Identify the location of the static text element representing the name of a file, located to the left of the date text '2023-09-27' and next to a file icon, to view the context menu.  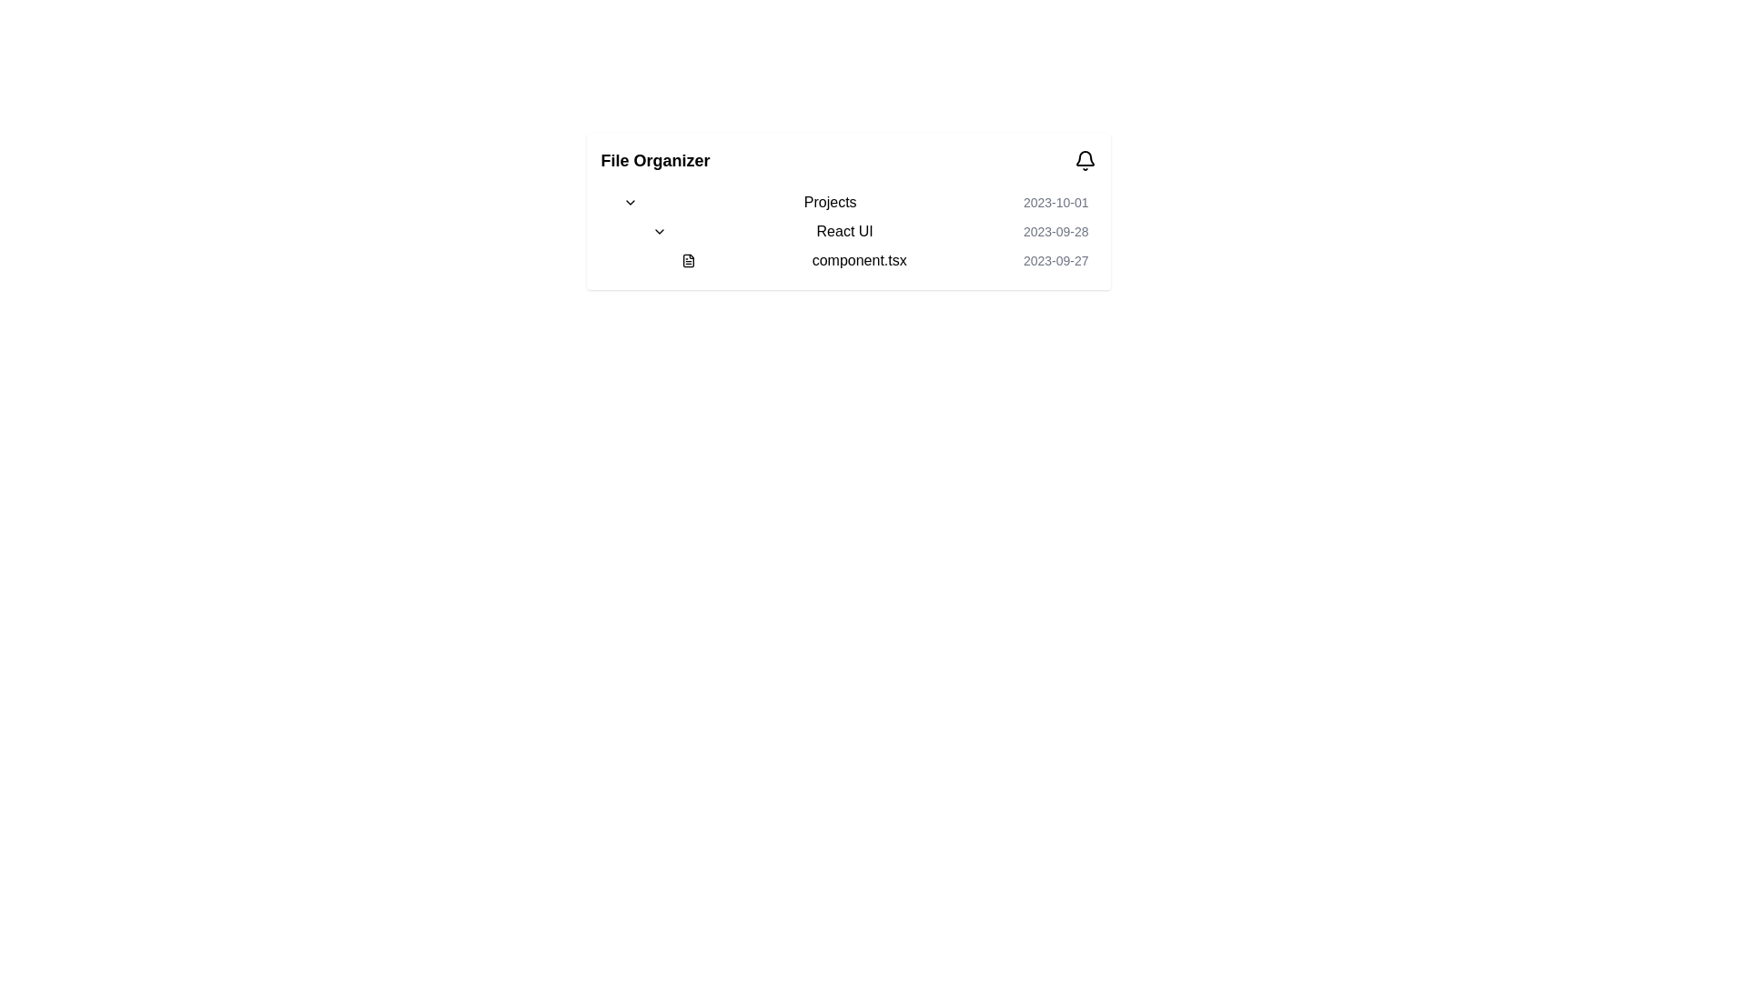
(858, 260).